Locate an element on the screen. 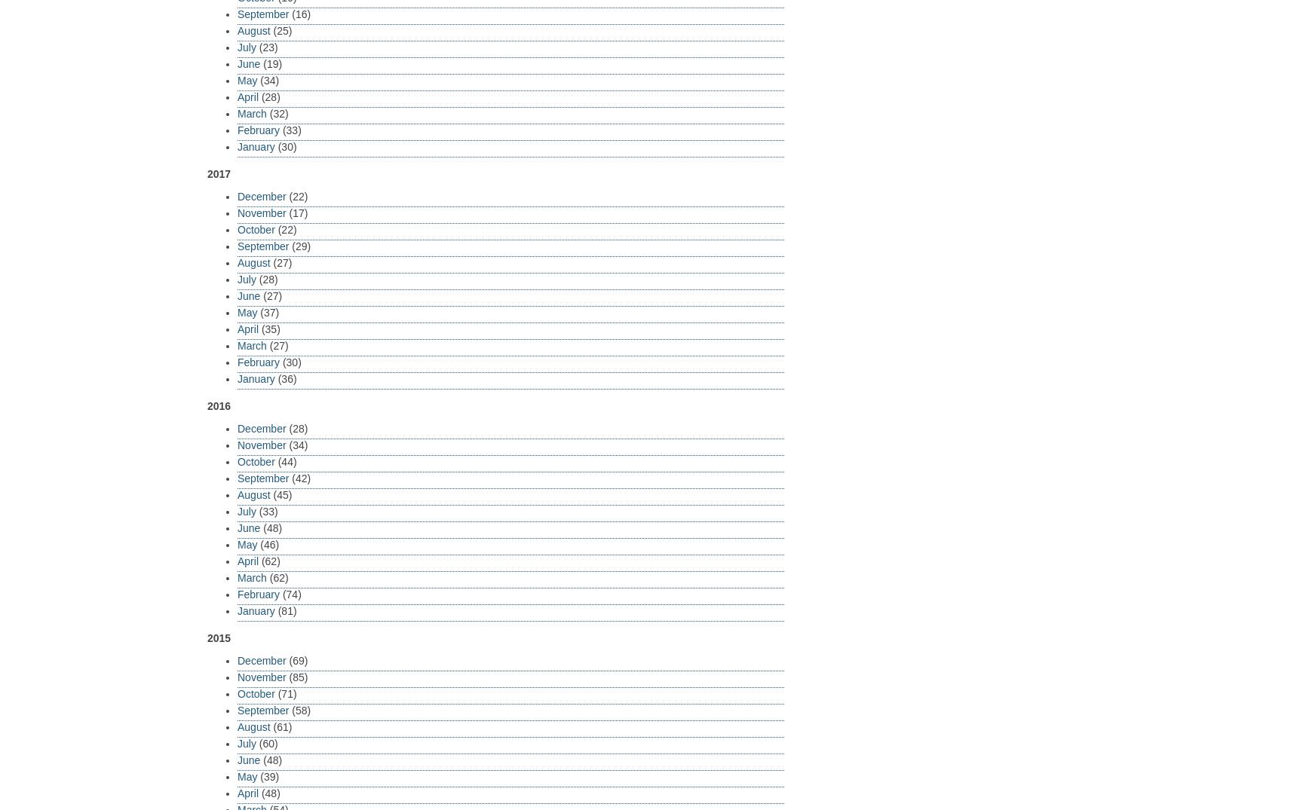 Image resolution: width=1306 pixels, height=810 pixels. '2016' is located at coordinates (218, 405).